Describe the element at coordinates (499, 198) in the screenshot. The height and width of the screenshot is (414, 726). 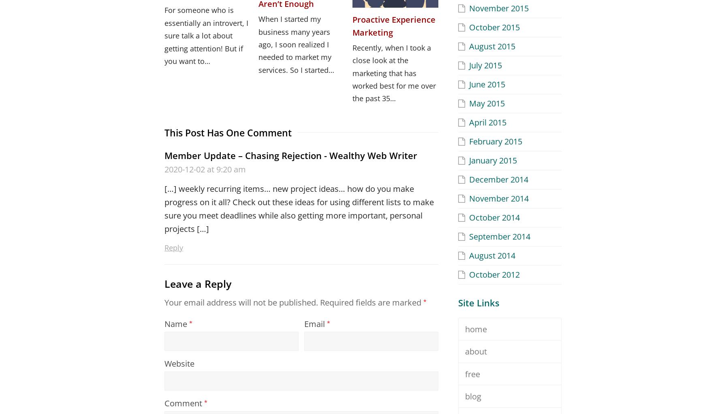
I see `'November 2014'` at that location.